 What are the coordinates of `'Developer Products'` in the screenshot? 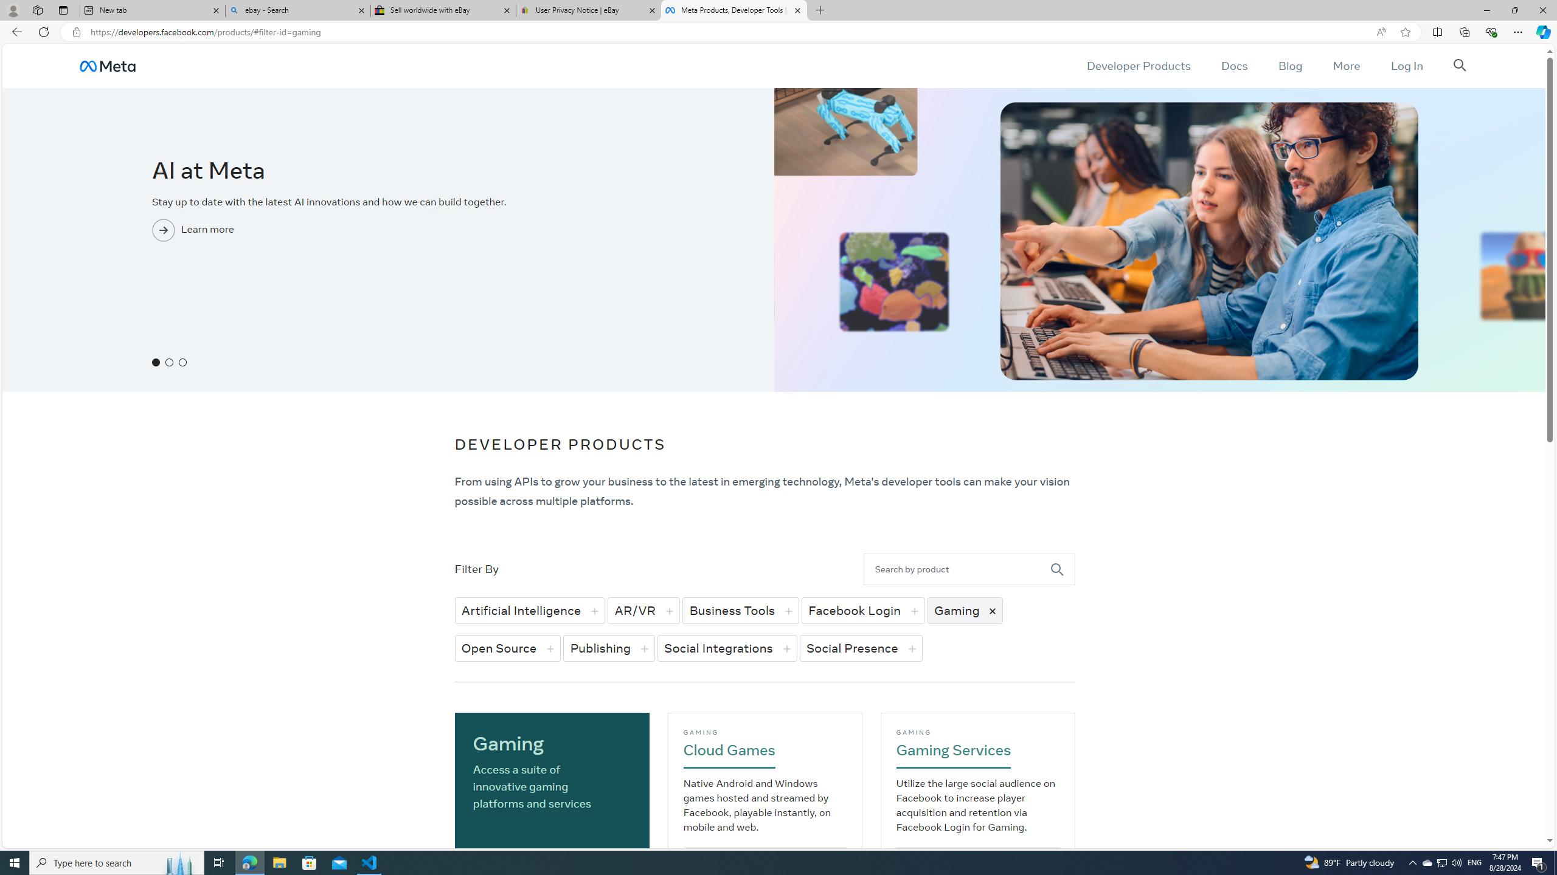 It's located at (1138, 65).